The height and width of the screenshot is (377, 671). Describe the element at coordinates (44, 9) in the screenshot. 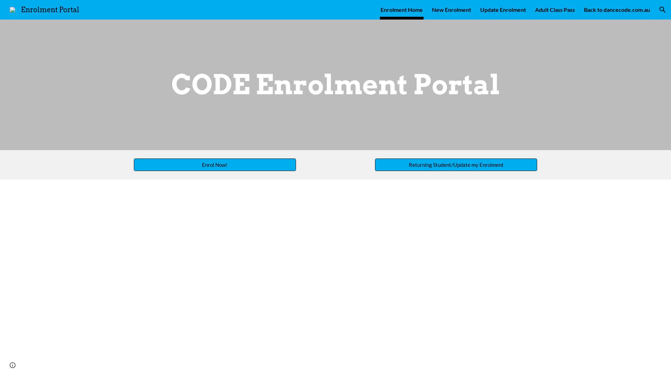

I see `'Enrolment Portal'` at that location.